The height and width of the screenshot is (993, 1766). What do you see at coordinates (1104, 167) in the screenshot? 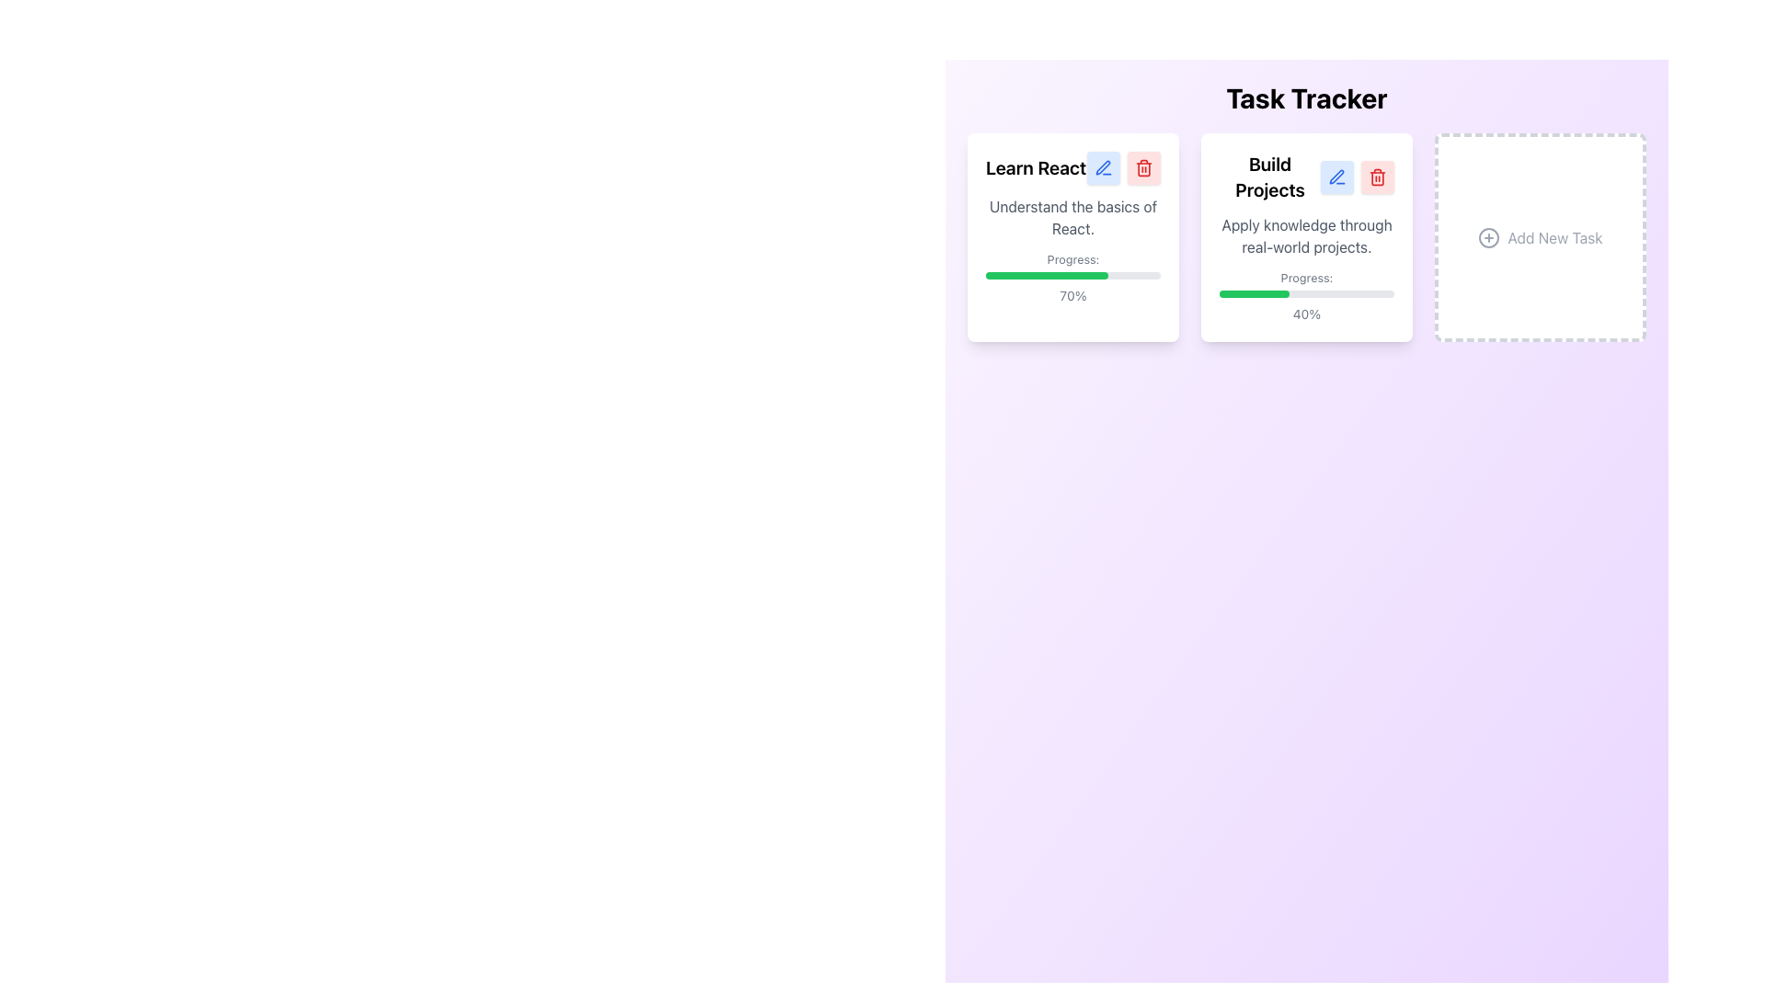
I see `the 'Edit' button located in the top-right corner of the 'Learn React' task card` at bounding box center [1104, 167].